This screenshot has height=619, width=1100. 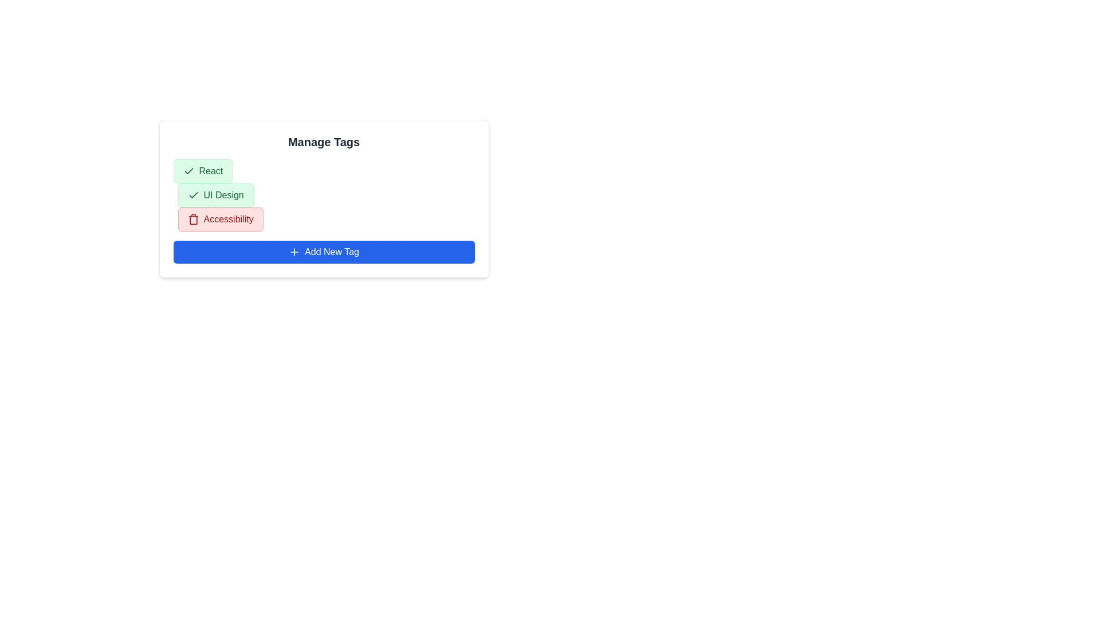 What do you see at coordinates (188, 171) in the screenshot?
I see `the decorative icon indicating that the 'React' tag is active or selected, positioned at the start of the tag in the vertical list` at bounding box center [188, 171].